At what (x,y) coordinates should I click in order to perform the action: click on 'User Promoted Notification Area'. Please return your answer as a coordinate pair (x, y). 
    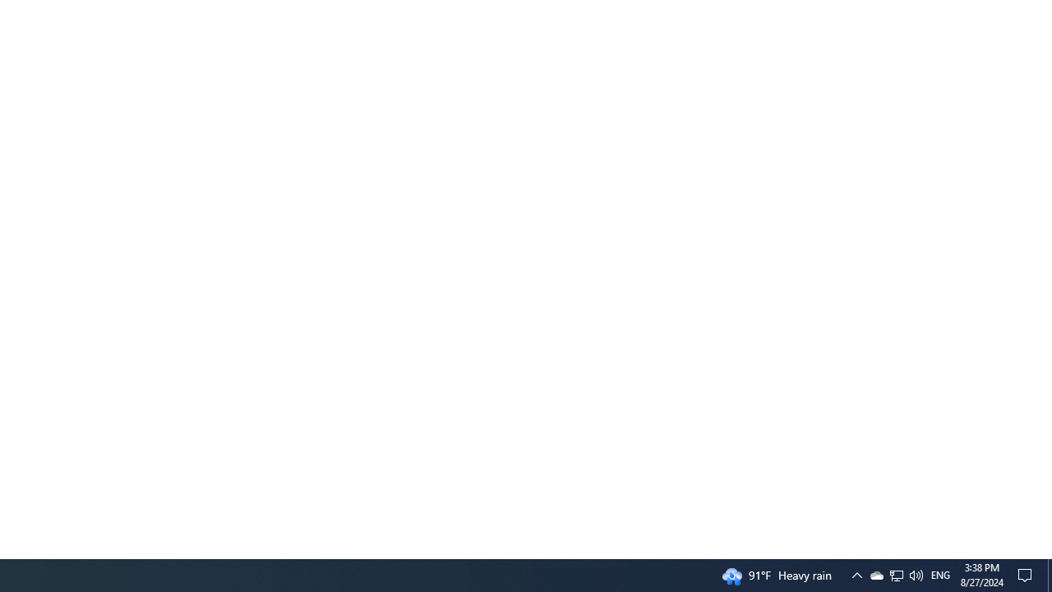
    Looking at the image, I should click on (895, 574).